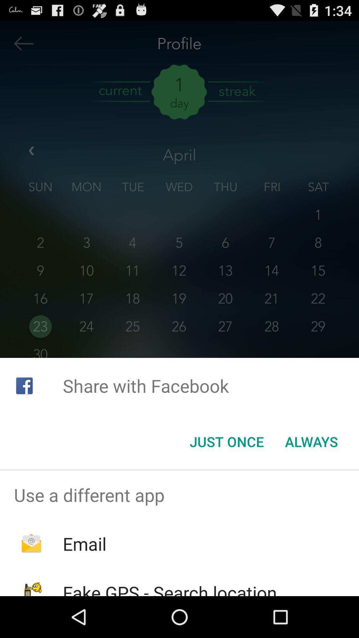 The height and width of the screenshot is (638, 359). Describe the element at coordinates (311, 442) in the screenshot. I see `icon next to the just once icon` at that location.